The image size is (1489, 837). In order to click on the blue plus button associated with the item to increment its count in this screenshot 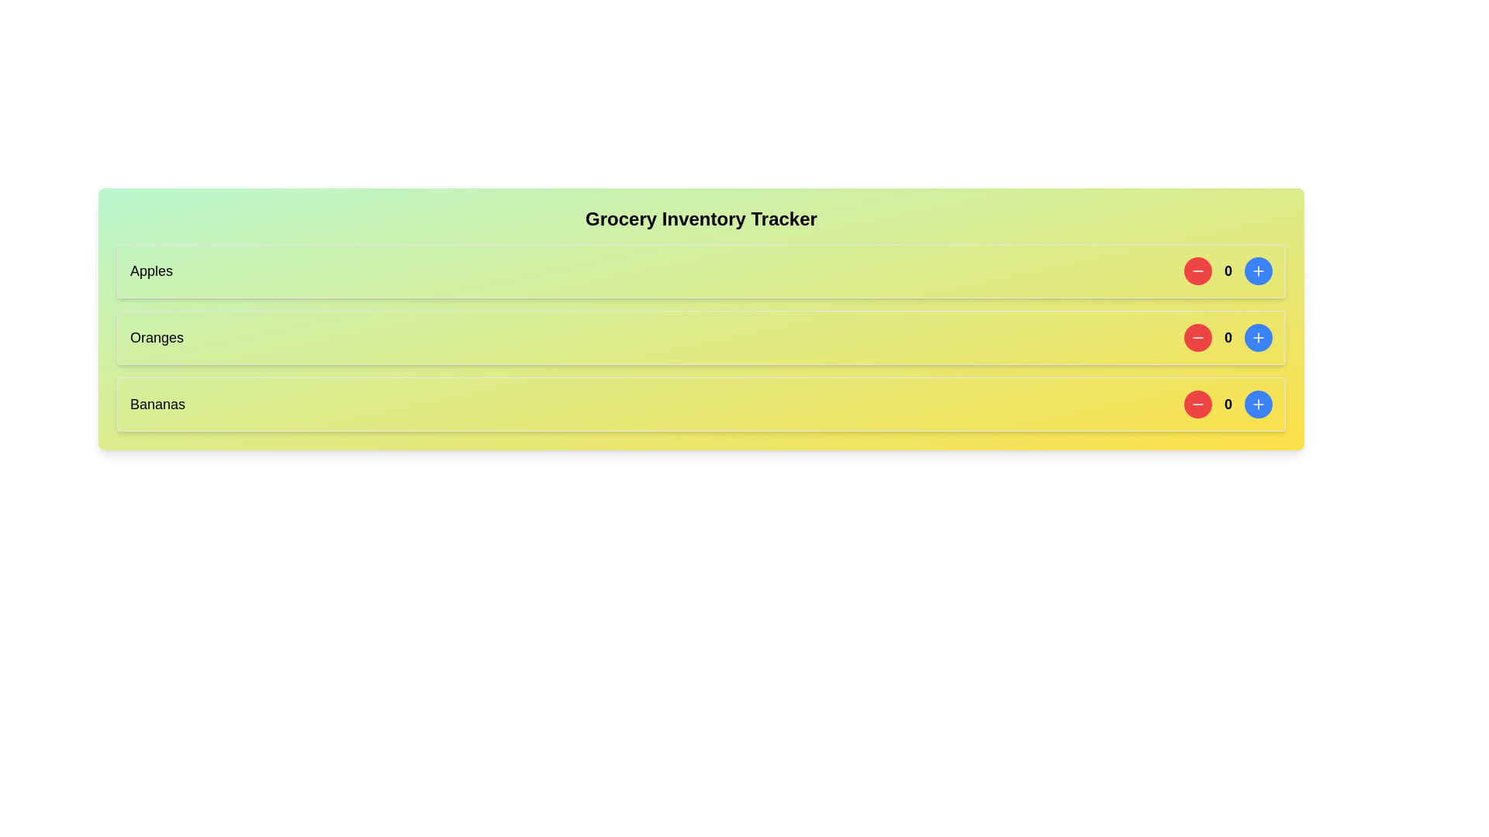, I will do `click(1258, 270)`.